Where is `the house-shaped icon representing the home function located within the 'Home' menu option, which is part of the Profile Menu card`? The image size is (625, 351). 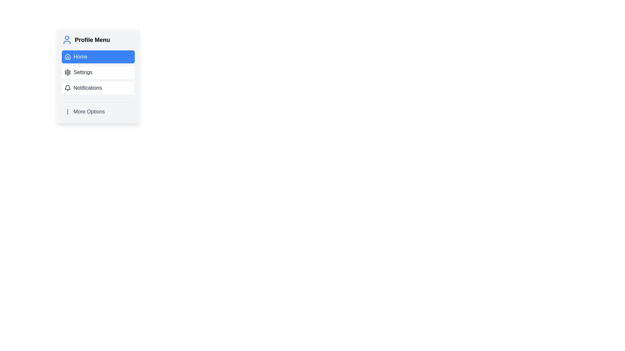 the house-shaped icon representing the home function located within the 'Home' menu option, which is part of the Profile Menu card is located at coordinates (67, 56).